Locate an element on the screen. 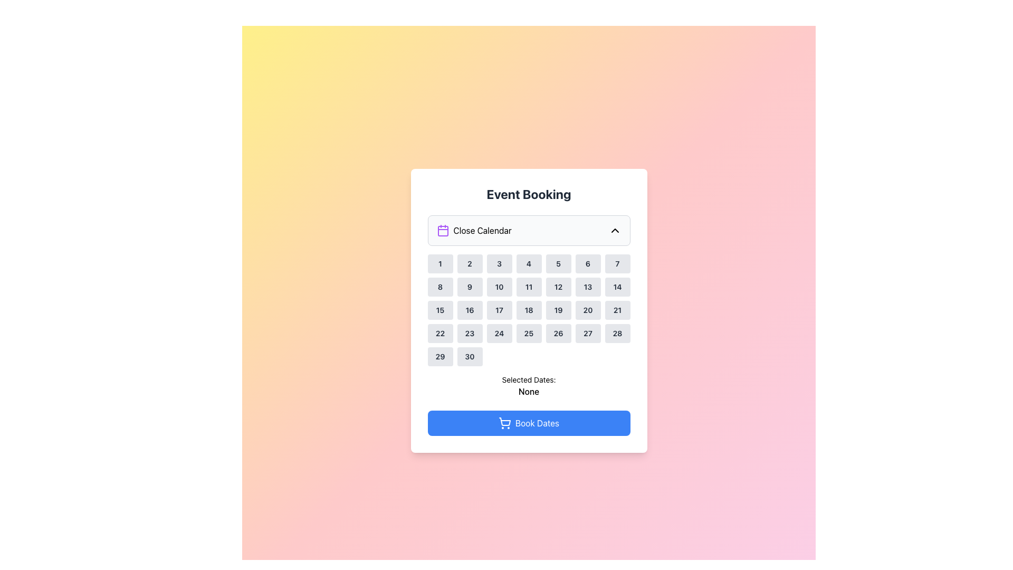 This screenshot has height=570, width=1013. the small, rounded rectangular button with a light gray background and the text '26' is located at coordinates (558, 334).